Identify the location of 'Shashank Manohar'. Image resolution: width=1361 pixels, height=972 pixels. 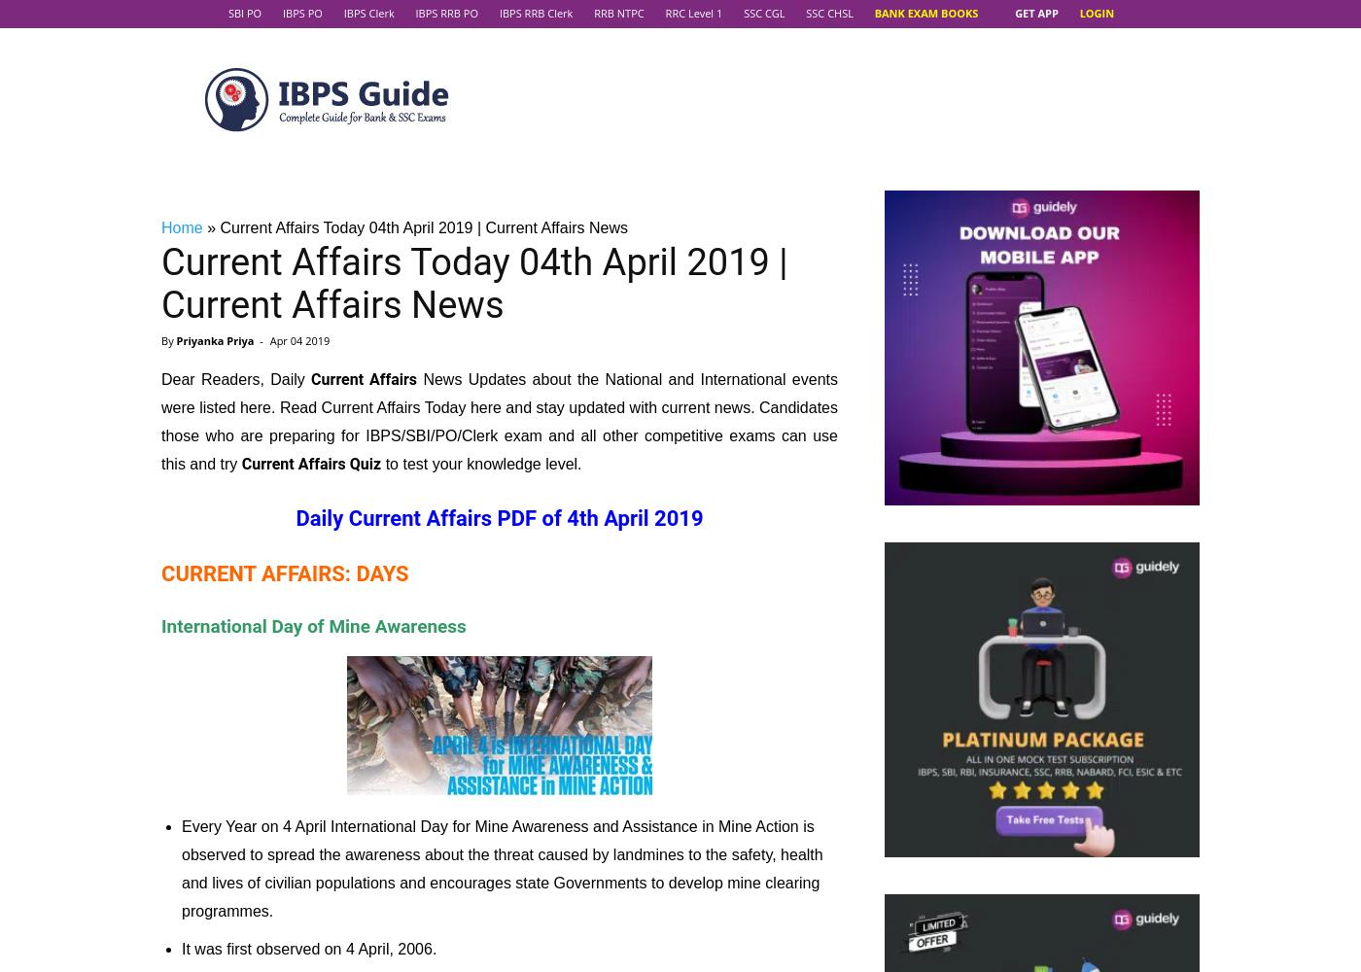
(680, 598).